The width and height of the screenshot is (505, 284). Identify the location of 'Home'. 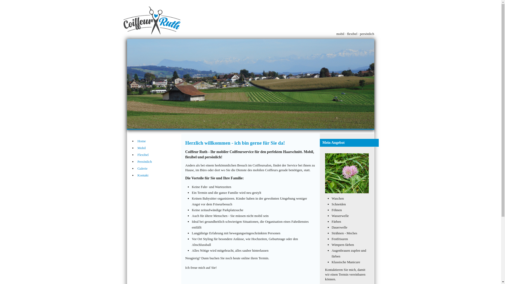
(159, 141).